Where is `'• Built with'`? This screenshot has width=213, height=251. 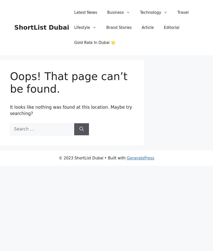
'• Built with' is located at coordinates (115, 158).